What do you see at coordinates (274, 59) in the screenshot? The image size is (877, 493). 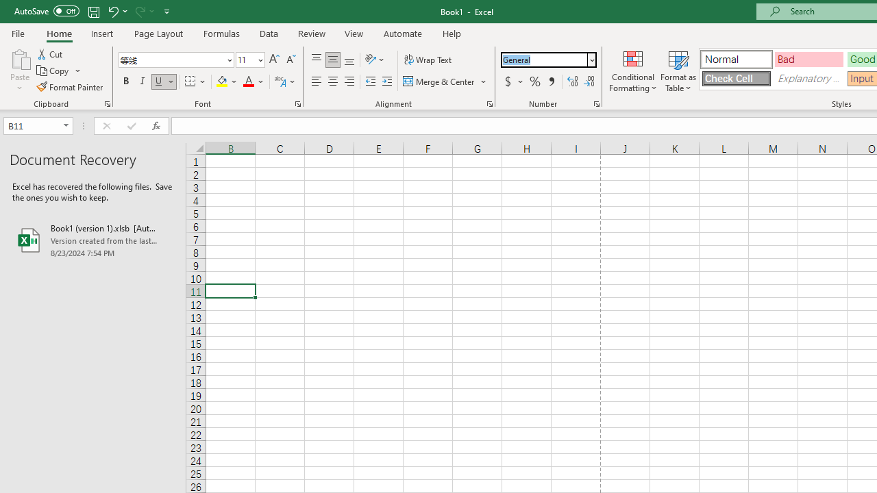 I see `'Increase Font Size'` at bounding box center [274, 59].